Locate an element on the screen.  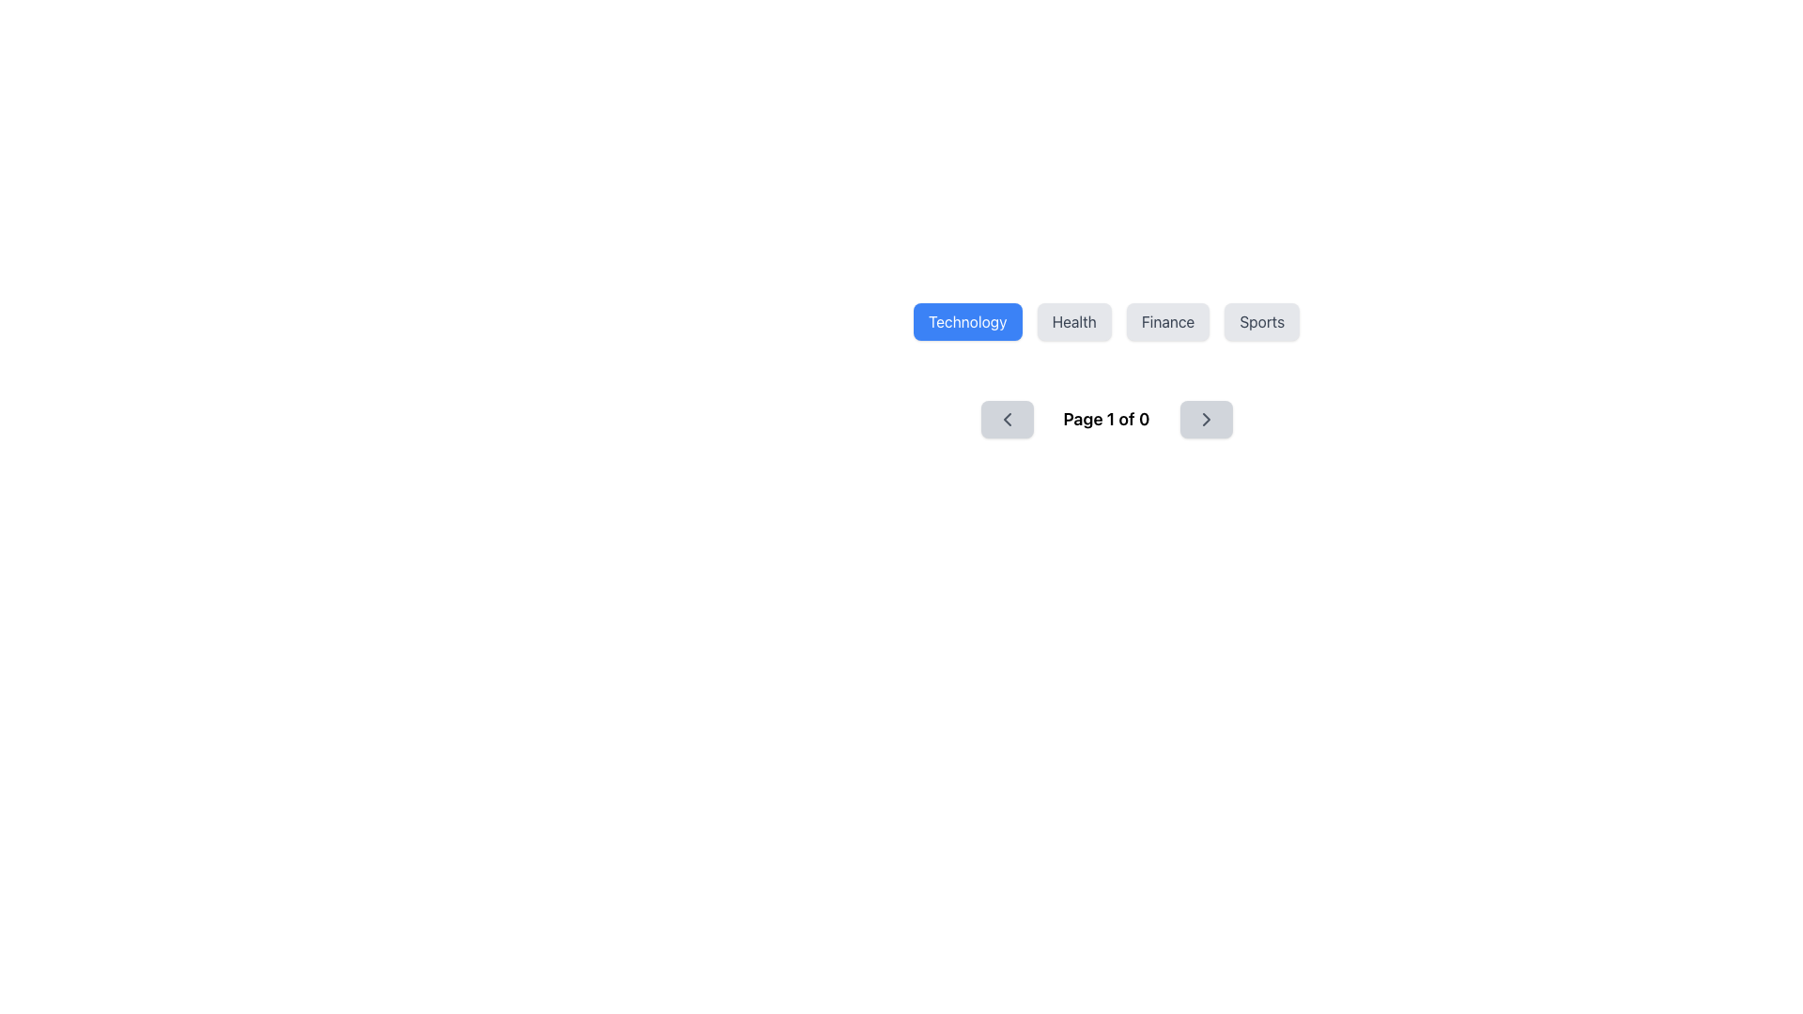
the SVG-based icon on the left of the pagination control group is located at coordinates (1006, 419).